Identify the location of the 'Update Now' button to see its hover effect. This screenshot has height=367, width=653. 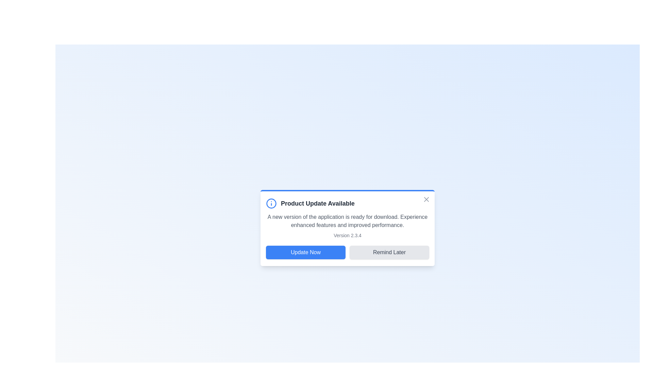
(305, 252).